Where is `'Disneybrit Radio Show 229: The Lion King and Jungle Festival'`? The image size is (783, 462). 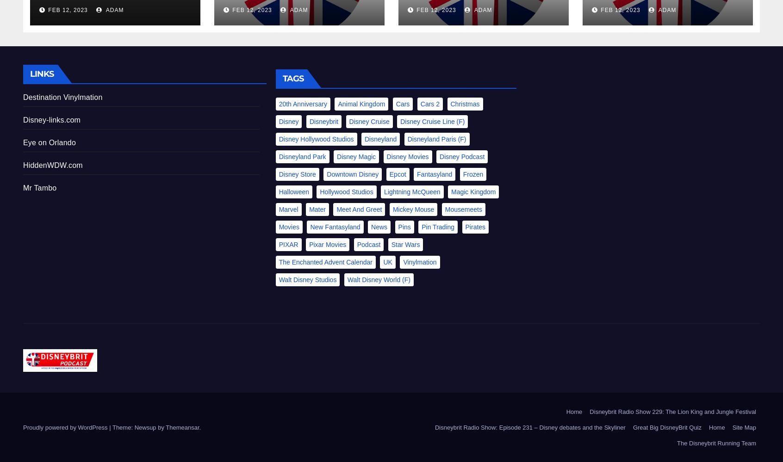
'Disneybrit Radio Show 229: The Lion King and Jungle Festival' is located at coordinates (672, 411).